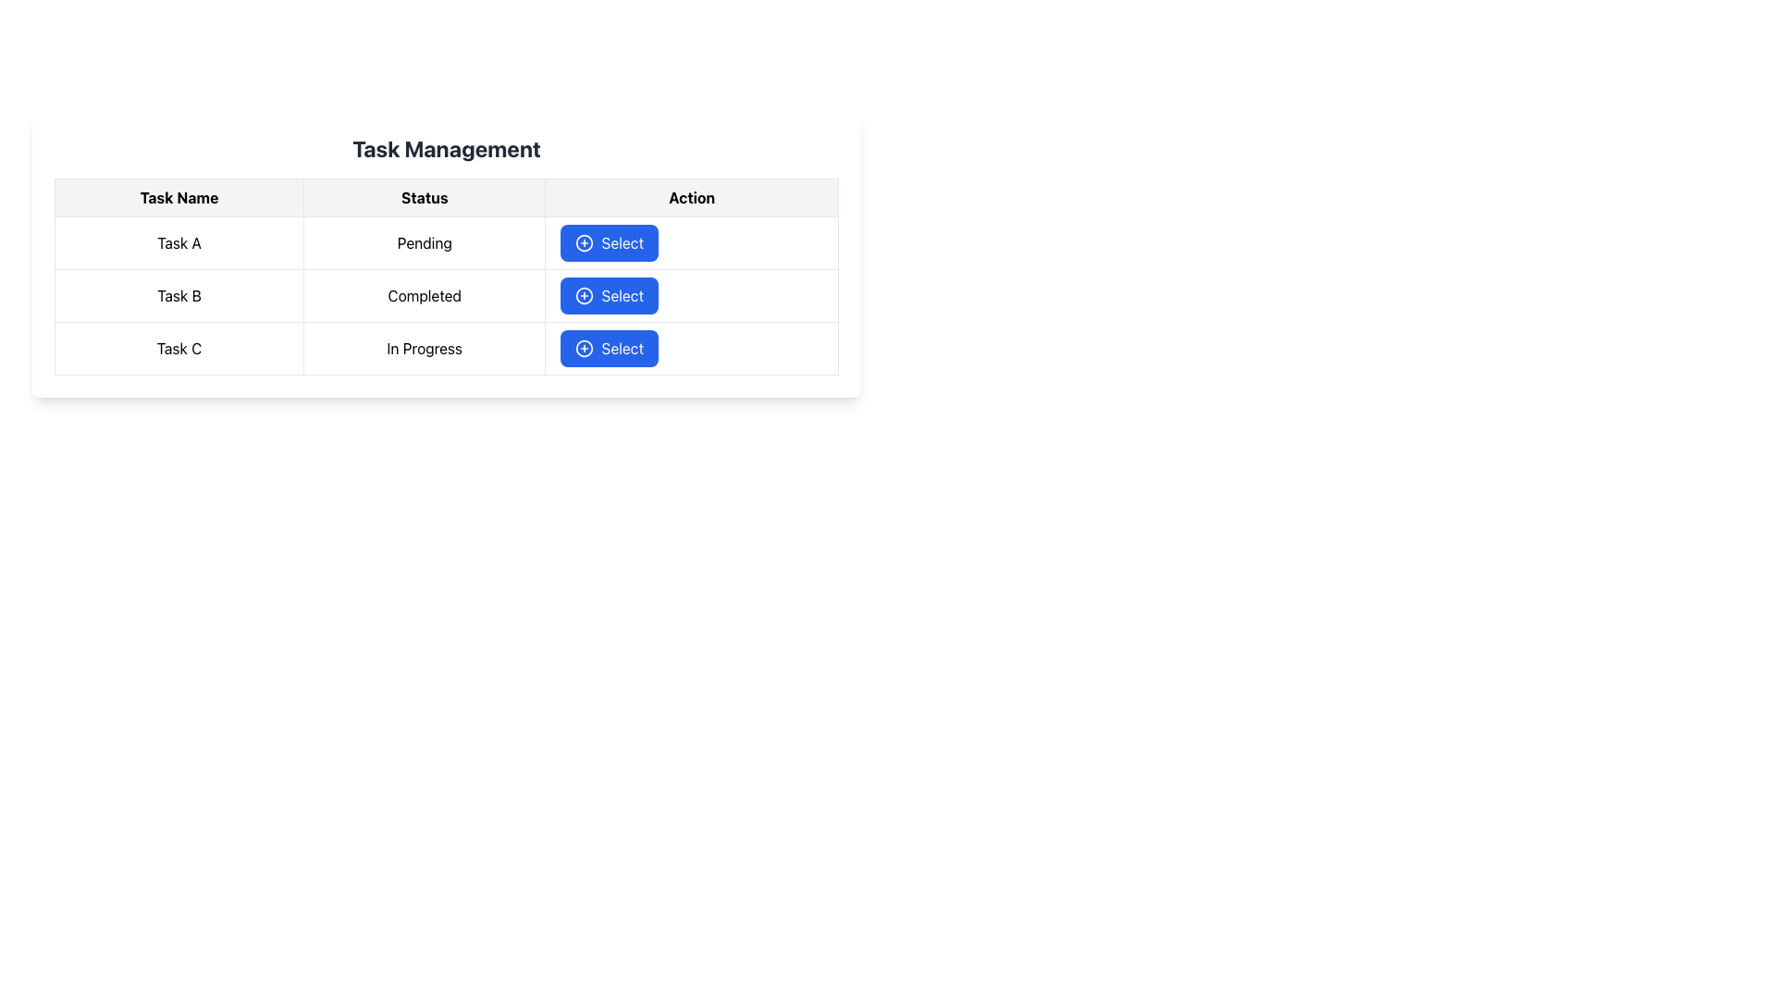 The height and width of the screenshot is (999, 1776). I want to click on the 'Select' button with a blue background and white text, located in the 'Action' column of the 'Task Management' table, so click(610, 349).